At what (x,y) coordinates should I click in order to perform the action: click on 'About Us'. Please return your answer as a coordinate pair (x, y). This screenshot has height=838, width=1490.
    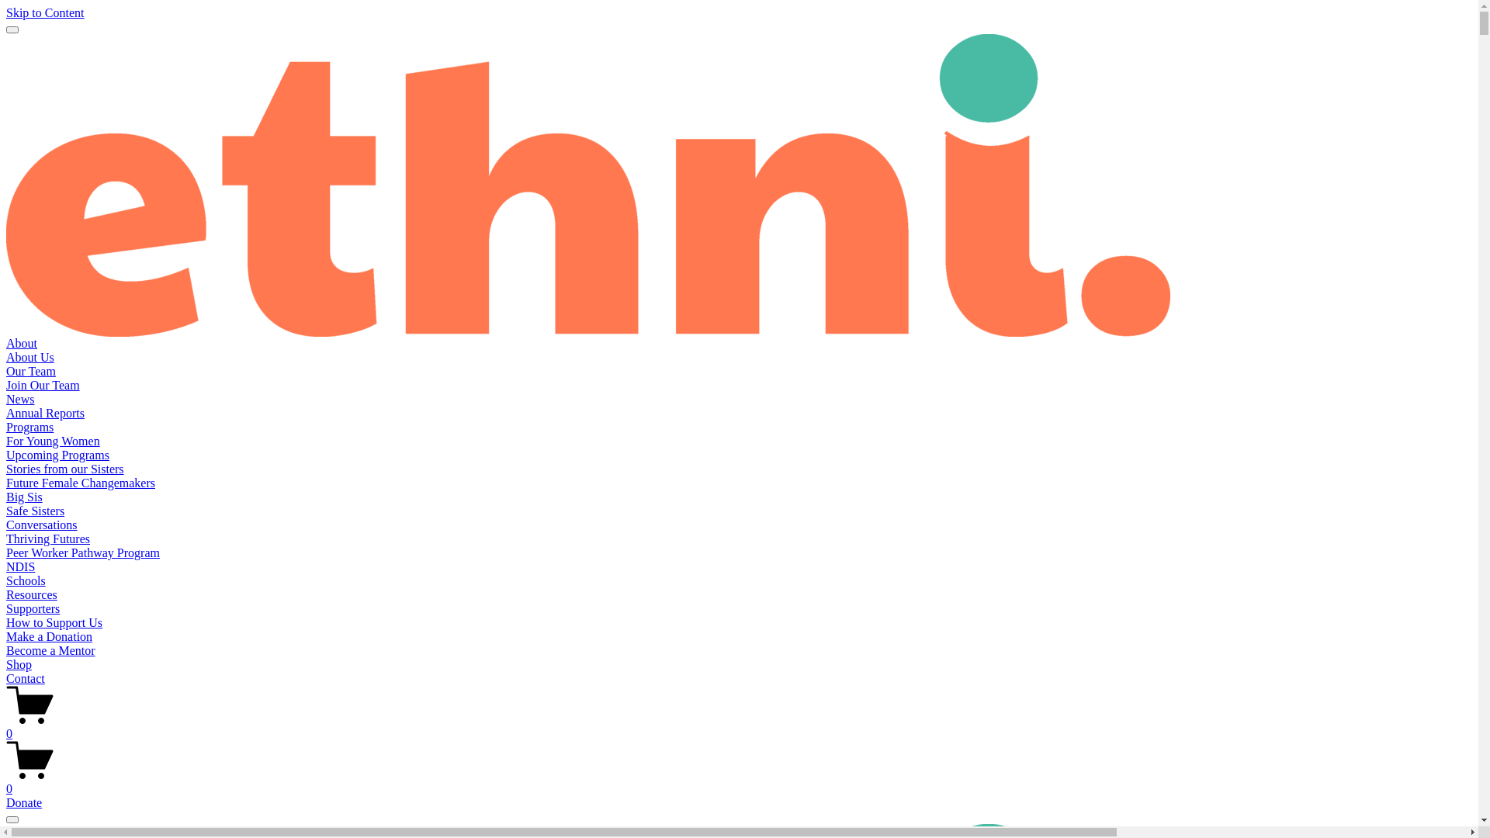
    Looking at the image, I should click on (6, 357).